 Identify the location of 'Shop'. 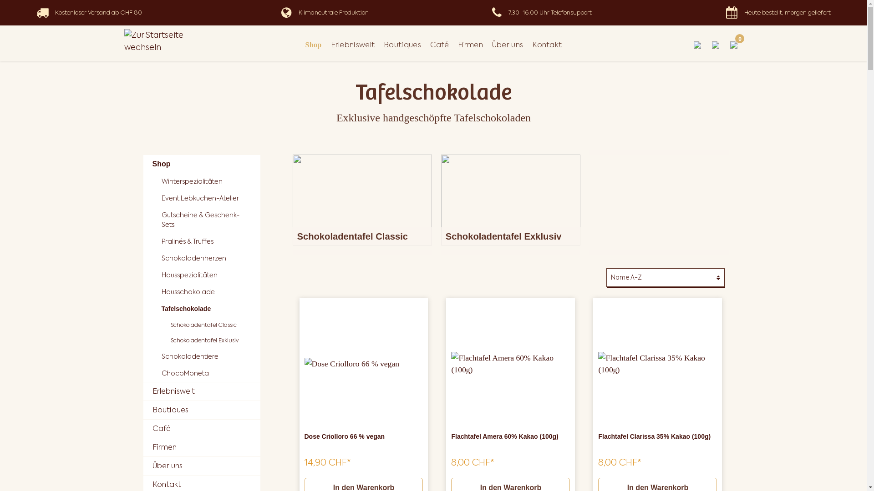
(314, 45).